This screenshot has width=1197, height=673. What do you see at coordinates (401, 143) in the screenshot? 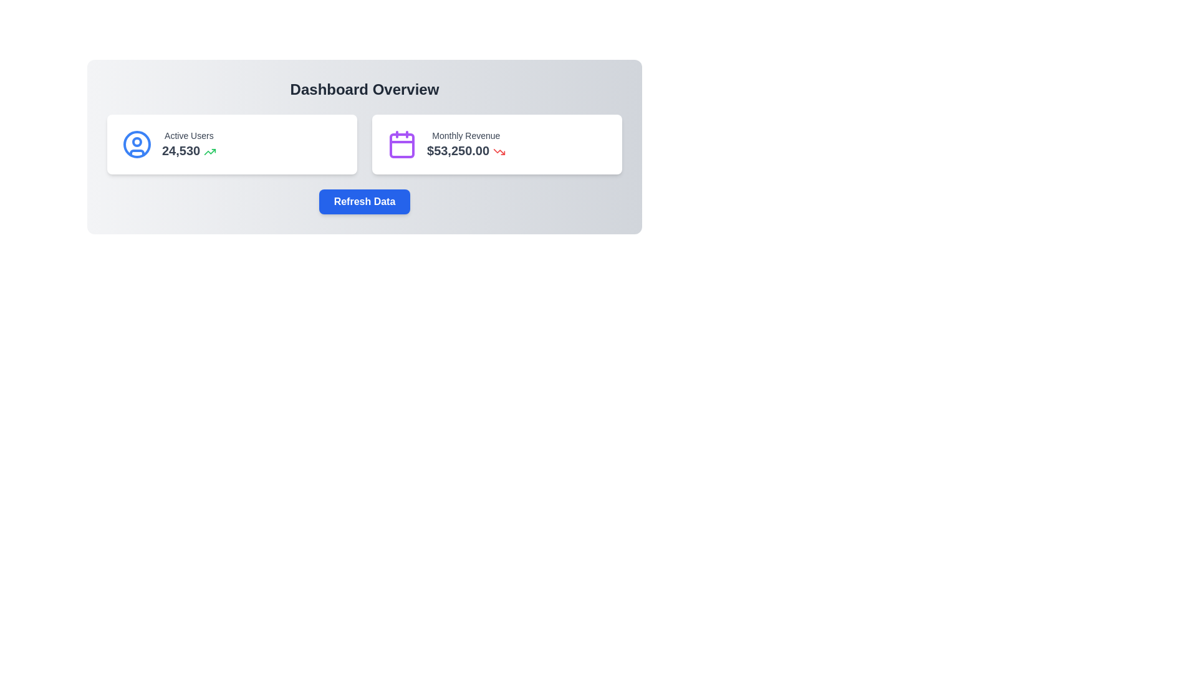
I see `the vibrant purple calendar icon located in the Dashboard Overview section, which is aligned to the left of the 'Monthly Revenue' text and '$53,250.00'` at bounding box center [401, 143].